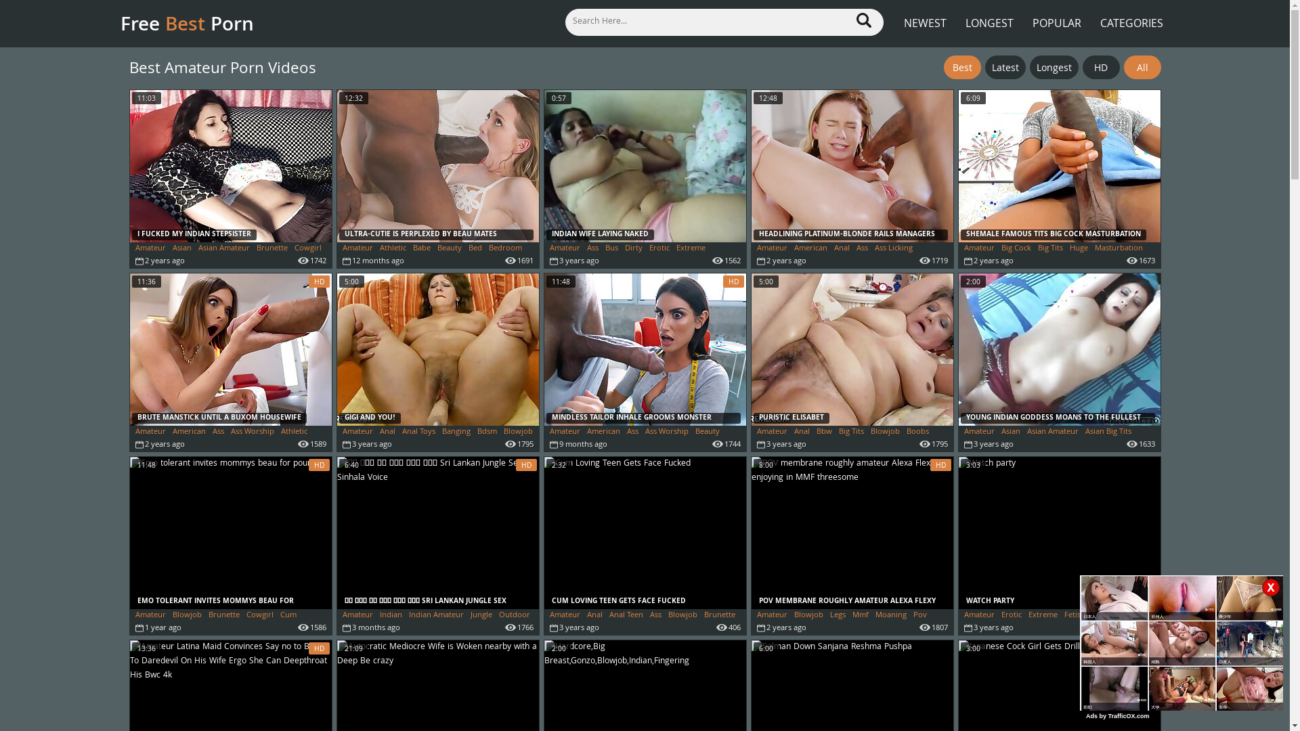 Image resolution: width=1300 pixels, height=731 pixels. What do you see at coordinates (1078, 248) in the screenshot?
I see `'Huge'` at bounding box center [1078, 248].